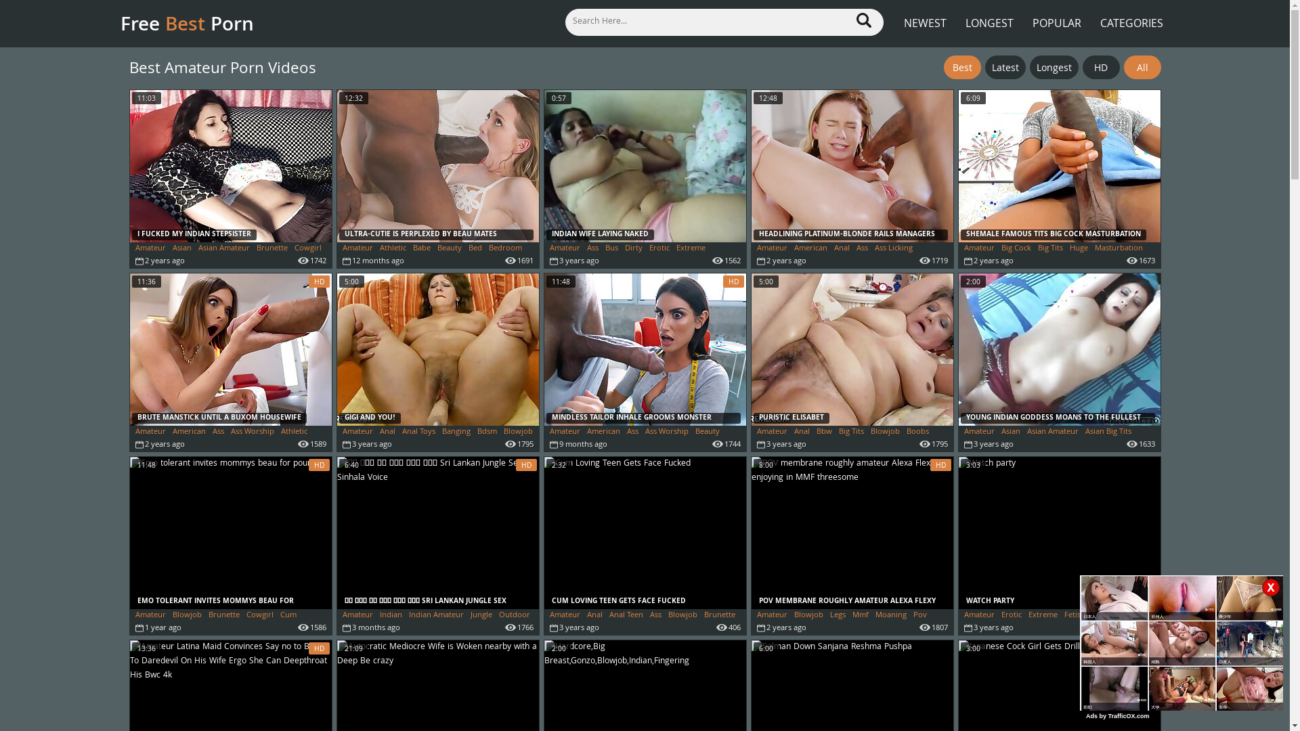 Image resolution: width=1300 pixels, height=731 pixels. What do you see at coordinates (1078, 248) in the screenshot?
I see `'Huge'` at bounding box center [1078, 248].